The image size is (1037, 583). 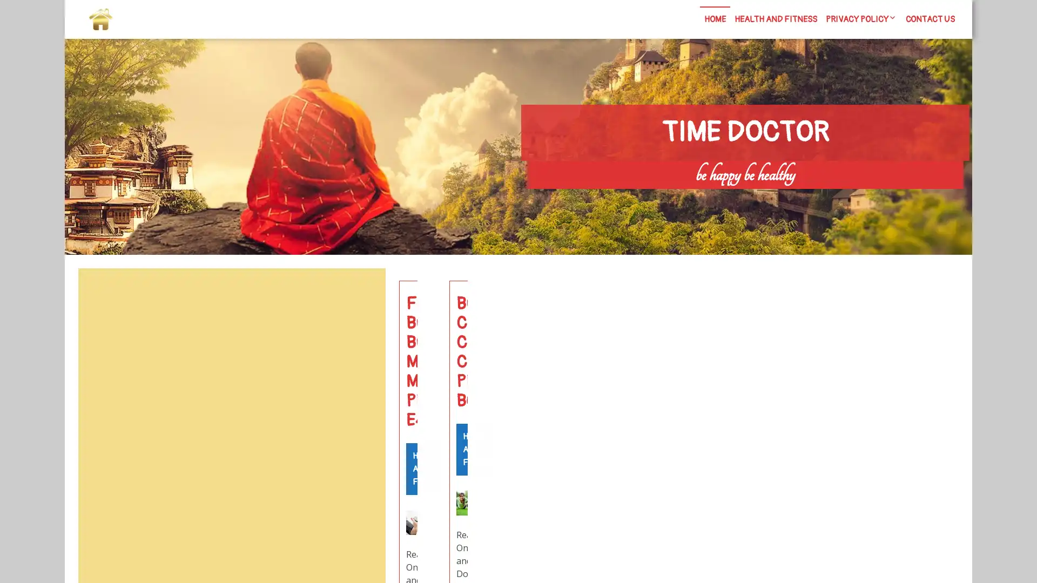 What do you see at coordinates (360, 294) in the screenshot?
I see `Search` at bounding box center [360, 294].